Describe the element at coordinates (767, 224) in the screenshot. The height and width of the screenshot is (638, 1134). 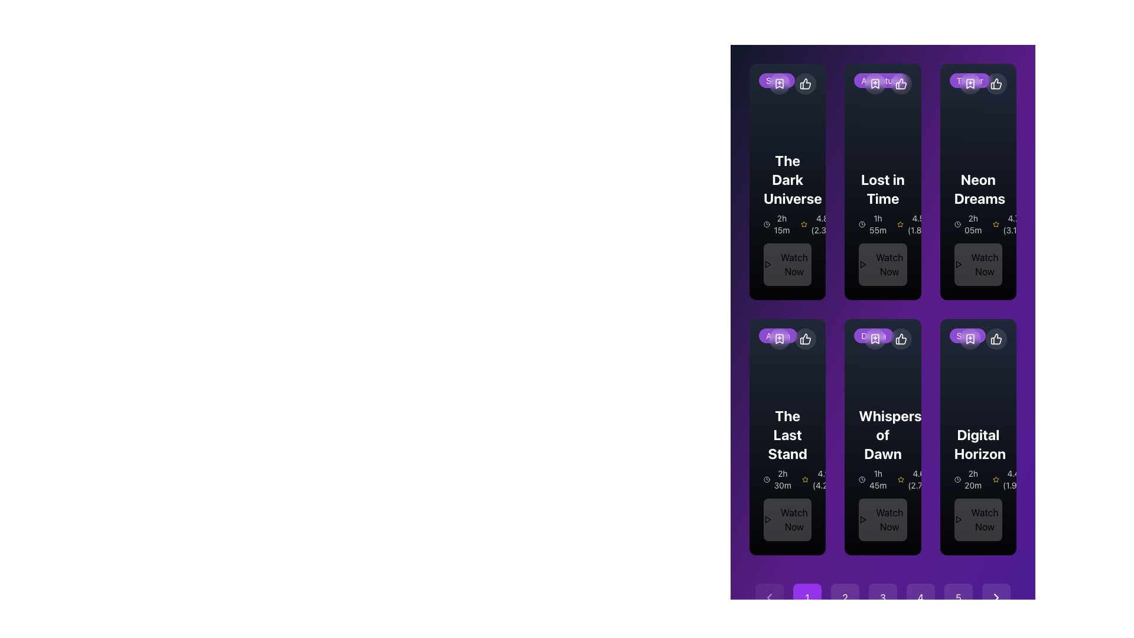
I see `the time or duration icon located in the top left corner of the grid card titled 'The Dark Universe', positioned within the card's header area` at that location.